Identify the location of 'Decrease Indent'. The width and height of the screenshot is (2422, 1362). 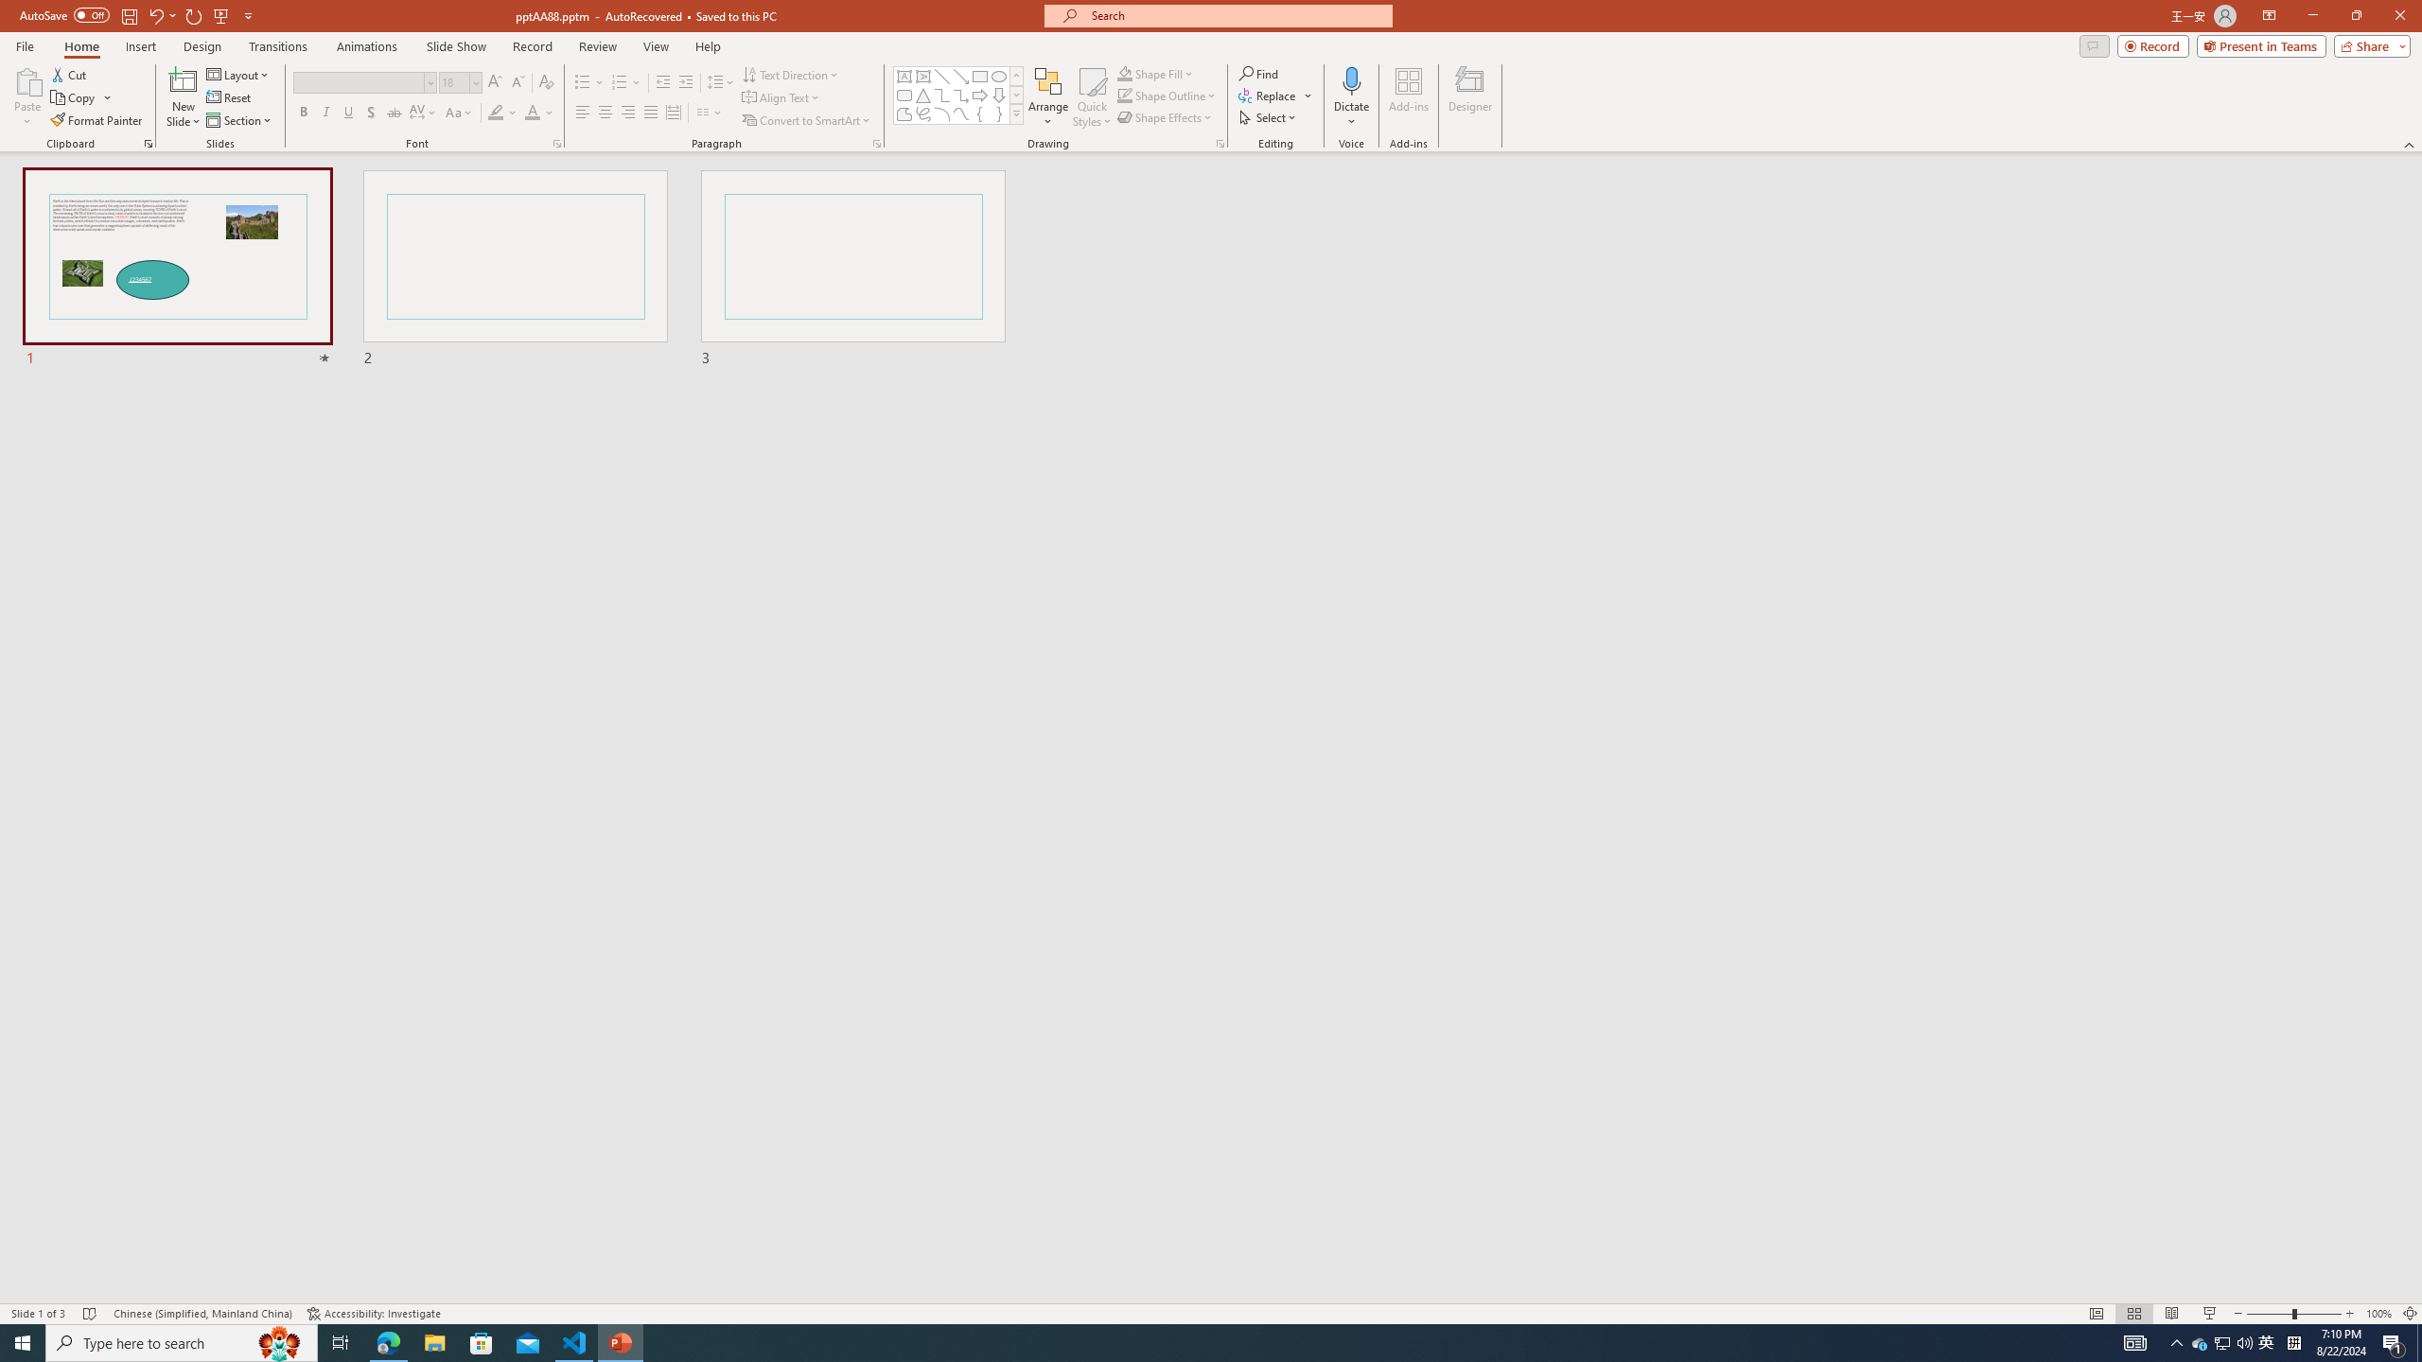
(663, 82).